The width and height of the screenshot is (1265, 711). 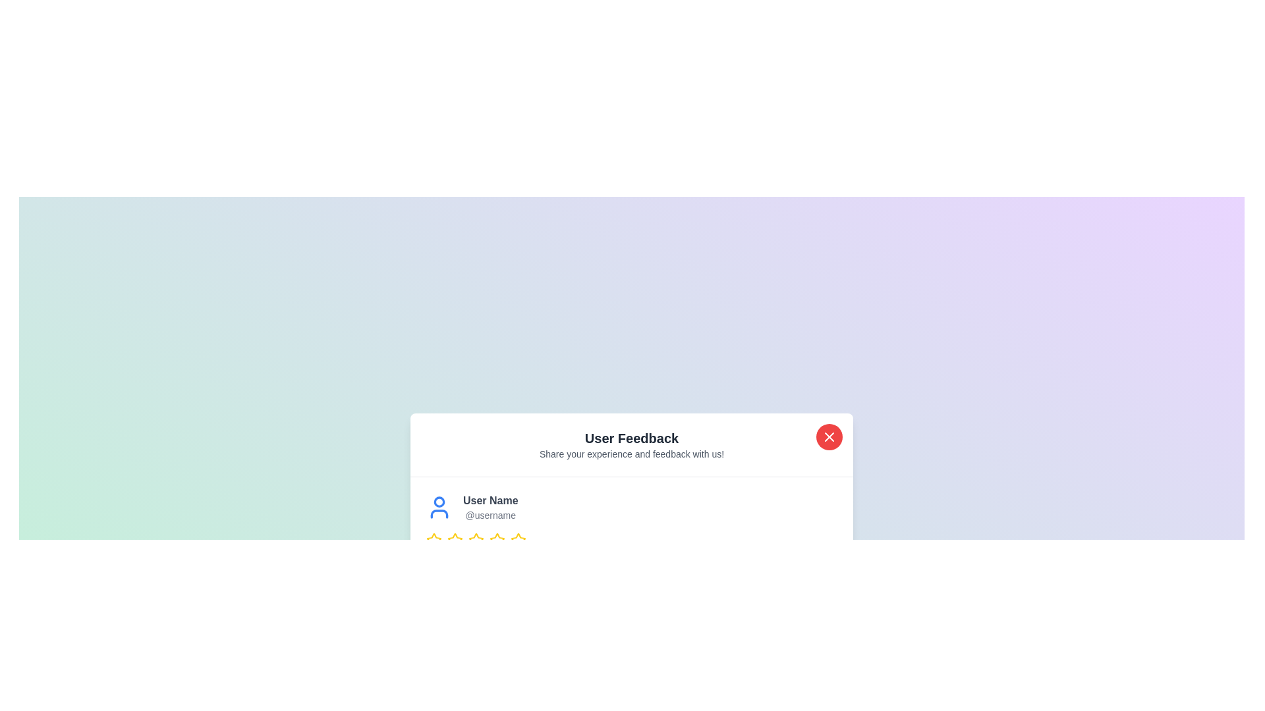 What do you see at coordinates (490, 506) in the screenshot?
I see `displayed text from the Text display block showing 'User Name' in bold and '@username' in lighter gray, located next to the user avatar icon` at bounding box center [490, 506].